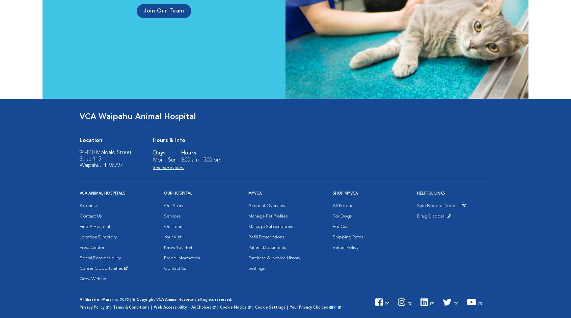 This screenshot has width=571, height=318. I want to click on 'Career Opportunities', so click(101, 268).